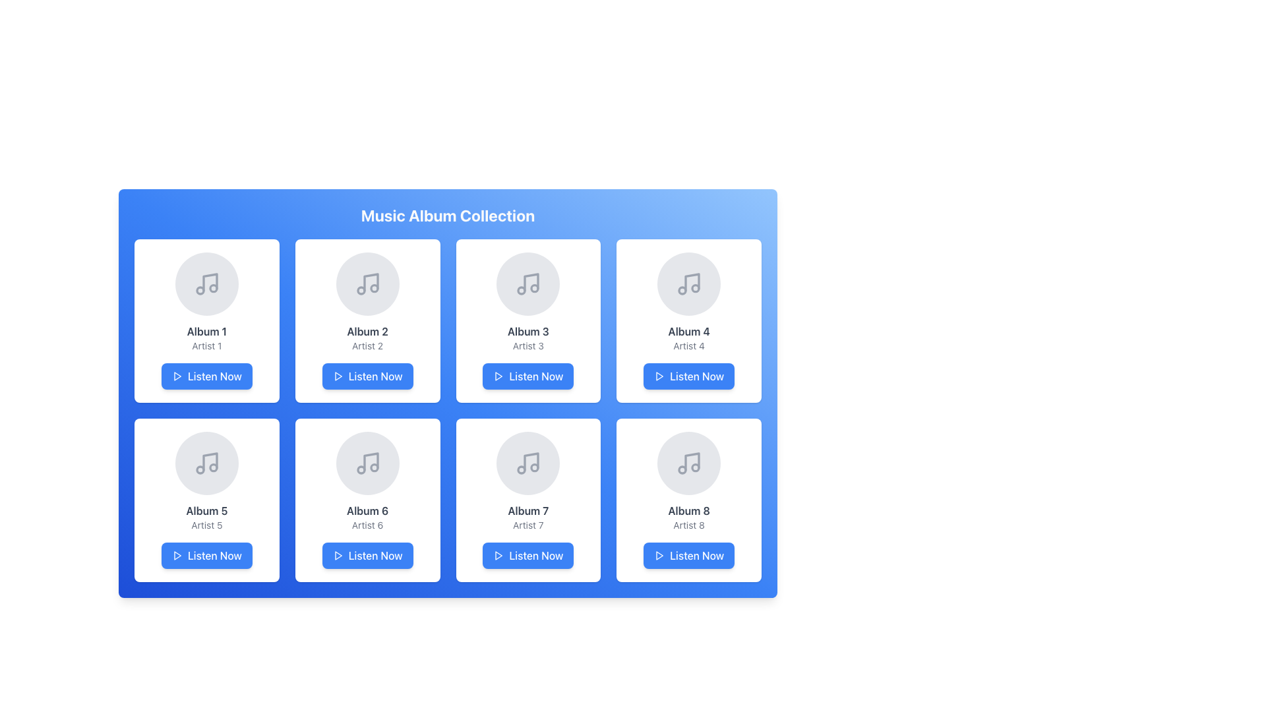 The width and height of the screenshot is (1266, 712). I want to click on the album tile representing 'Album 7' by 'Artist 7', so click(528, 500).